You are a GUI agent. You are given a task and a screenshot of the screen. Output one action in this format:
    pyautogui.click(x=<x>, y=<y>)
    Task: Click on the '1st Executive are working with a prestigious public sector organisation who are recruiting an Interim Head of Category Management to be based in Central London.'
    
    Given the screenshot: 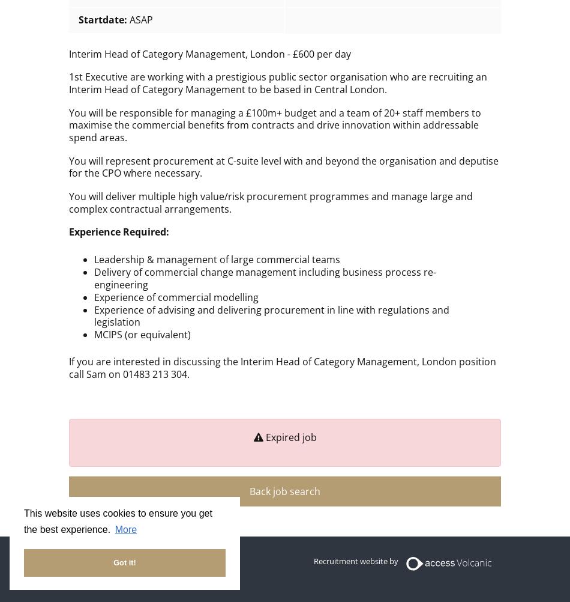 What is the action you would take?
    pyautogui.click(x=277, y=82)
    